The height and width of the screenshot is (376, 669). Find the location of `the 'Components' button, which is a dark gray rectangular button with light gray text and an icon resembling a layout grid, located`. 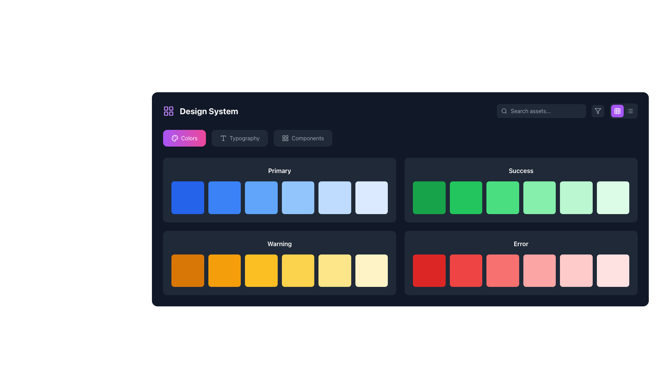

the 'Components' button, which is a dark gray rectangular button with light gray text and an icon resembling a layout grid, located is located at coordinates (303, 138).